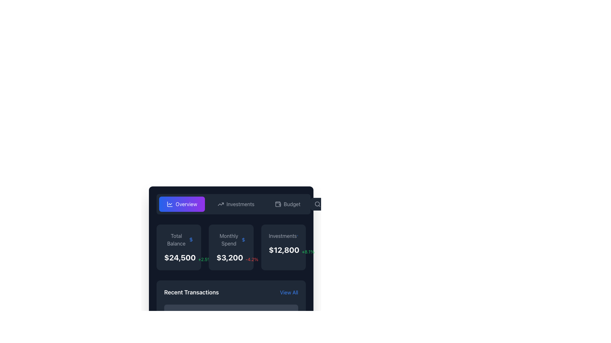  I want to click on the blue dollar sign icon located in the header section of the 'Monthly Spend' summary card, positioned to the right of the 'Monthly Spend' text, so click(243, 240).